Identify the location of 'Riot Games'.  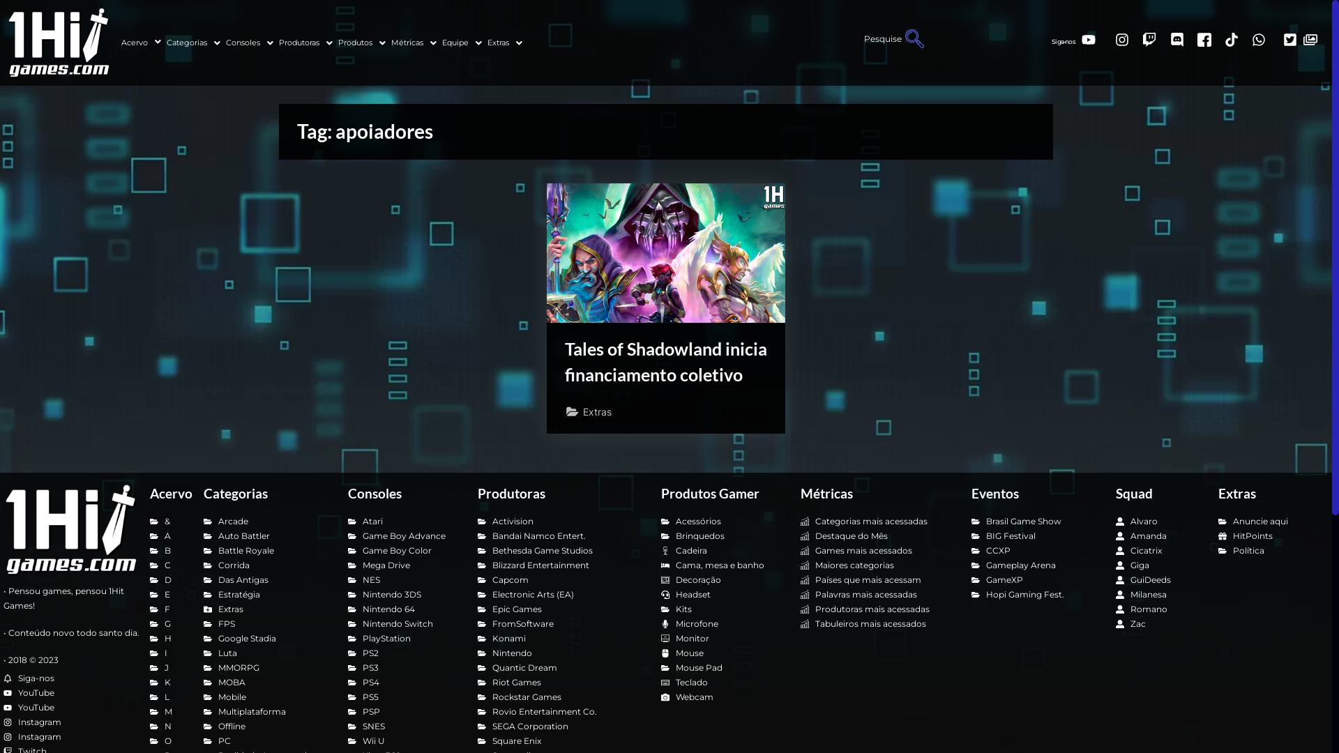
(478, 681).